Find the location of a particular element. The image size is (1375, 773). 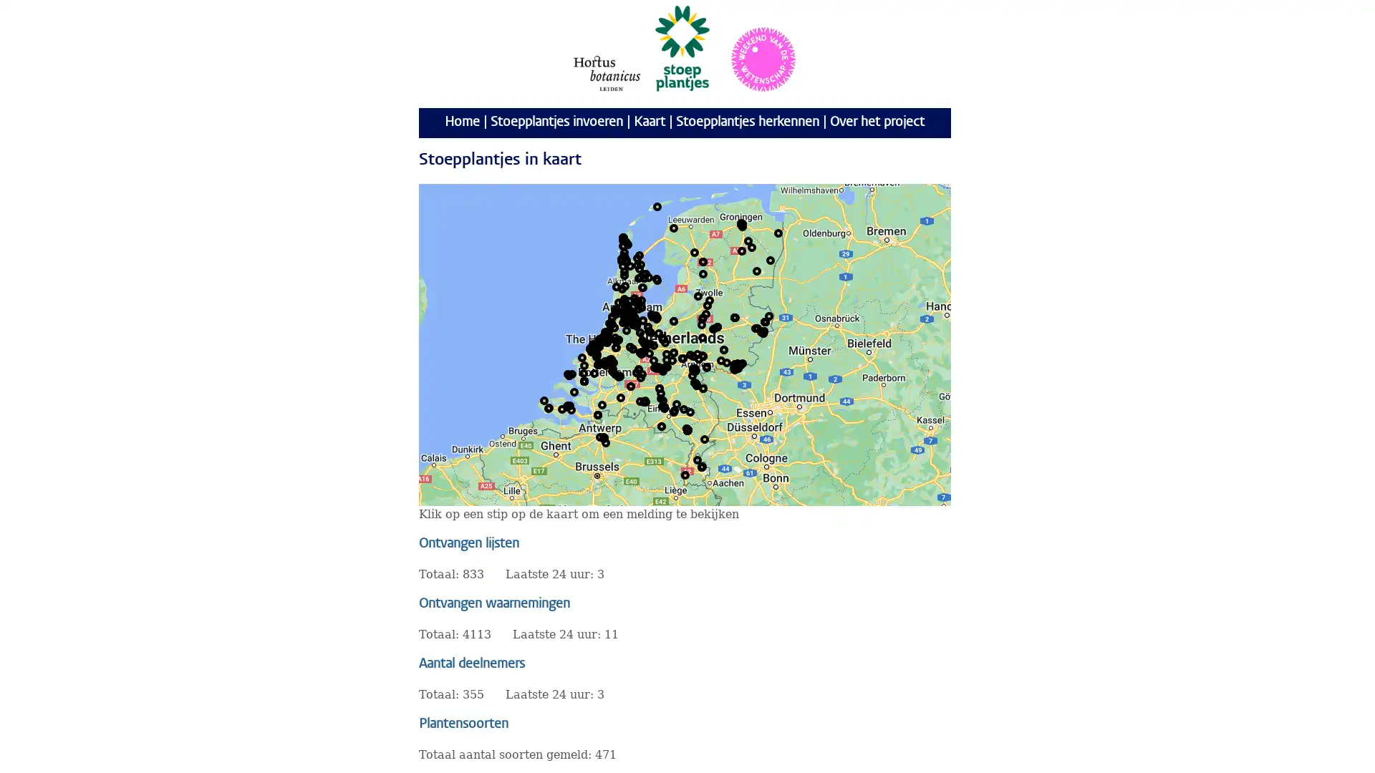

Telling van Natuurclub Natuur om de Hoek Panta Rhei op 14 maart 2022 is located at coordinates (645, 401).